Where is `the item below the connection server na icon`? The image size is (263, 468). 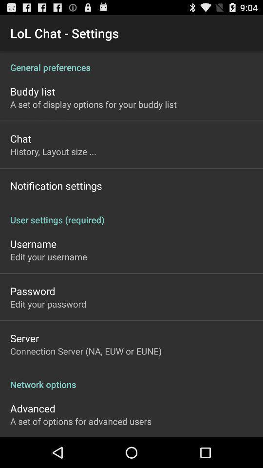
the item below the connection server na icon is located at coordinates (131, 379).